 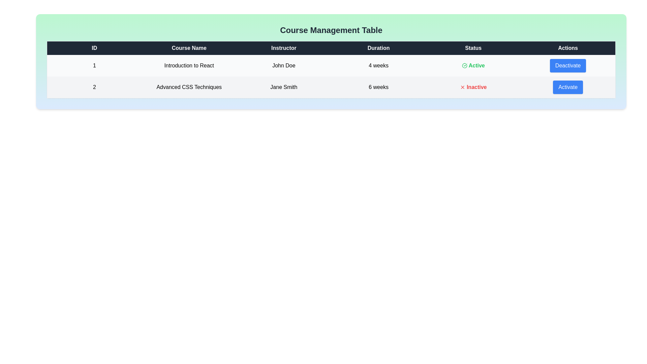 What do you see at coordinates (473, 87) in the screenshot?
I see `status of the course indicated by the 'Inactive' status with a red cross icon in the second row of the 'Status' column for the course 'Advanced CSS Techniques'` at bounding box center [473, 87].